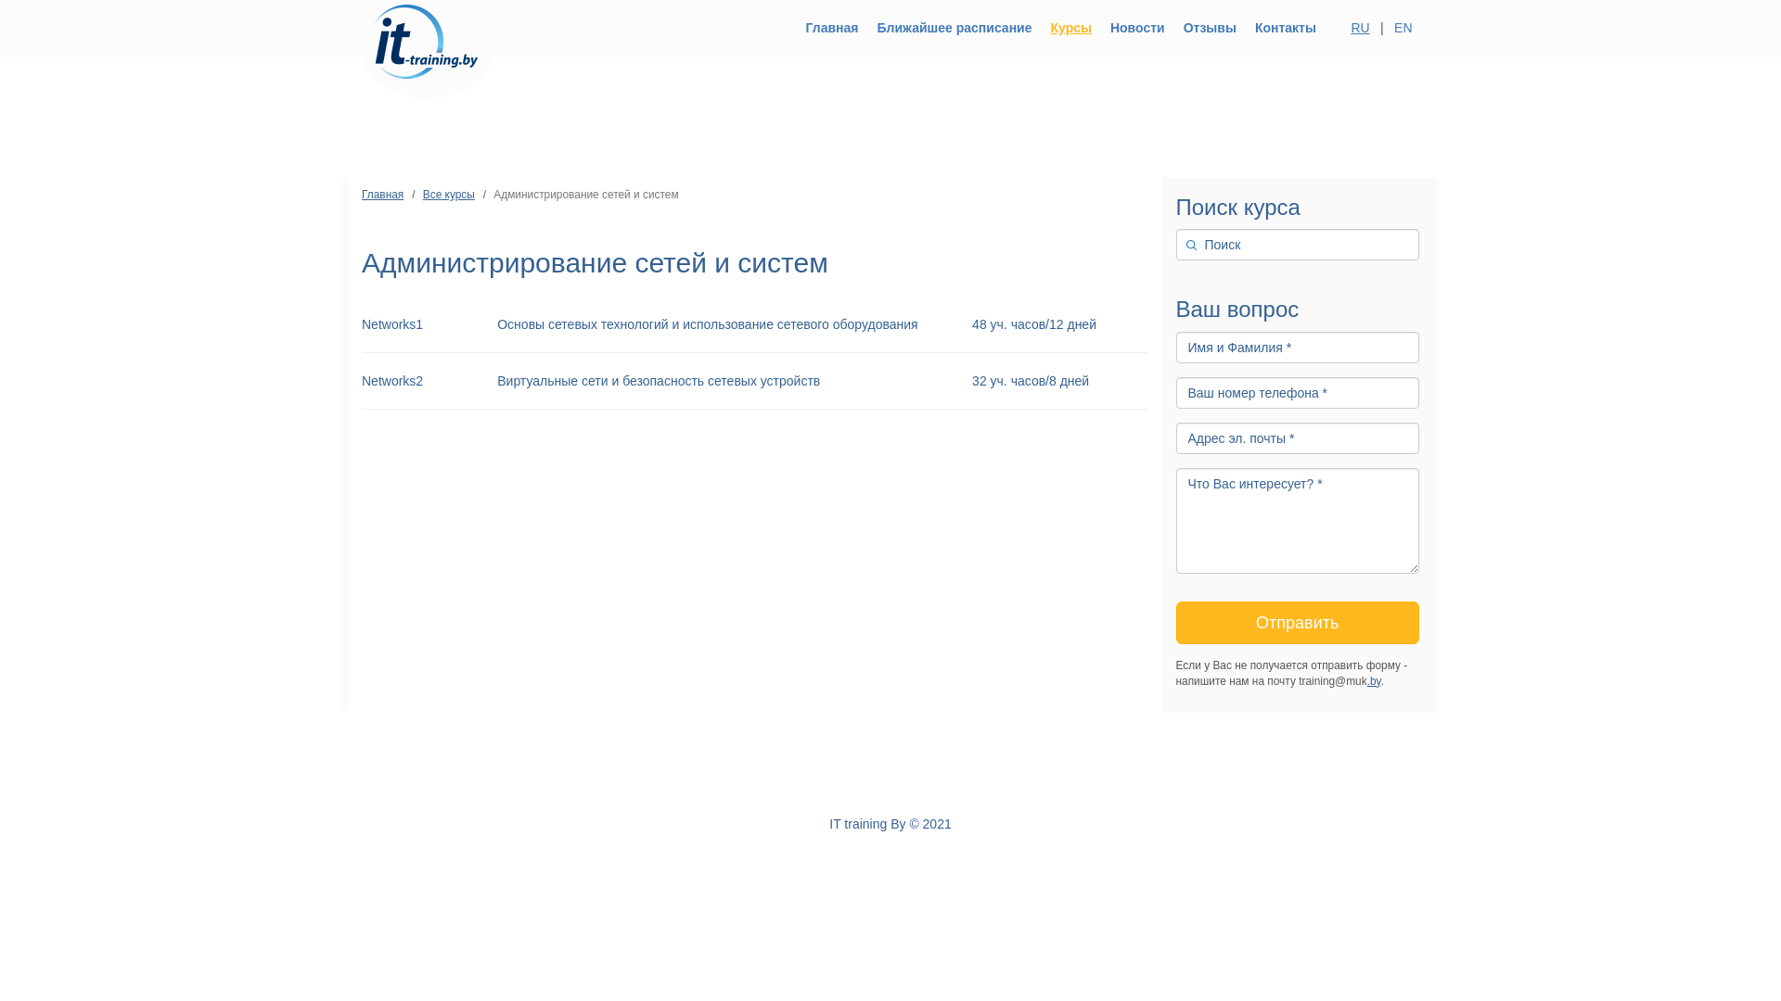 The width and height of the screenshot is (1781, 1001). What do you see at coordinates (1360, 28) in the screenshot?
I see `'RU'` at bounding box center [1360, 28].